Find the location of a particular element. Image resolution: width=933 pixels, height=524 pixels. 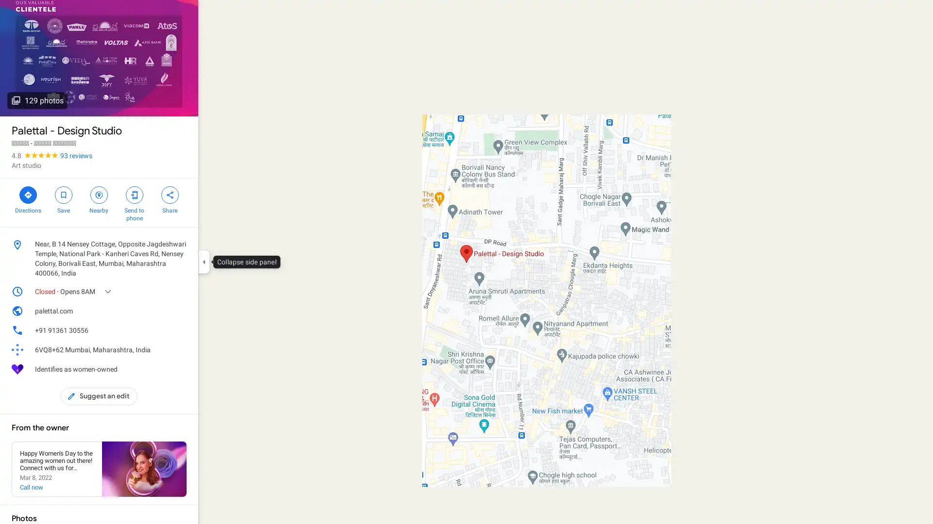

Menu is located at coordinates (17, 16).